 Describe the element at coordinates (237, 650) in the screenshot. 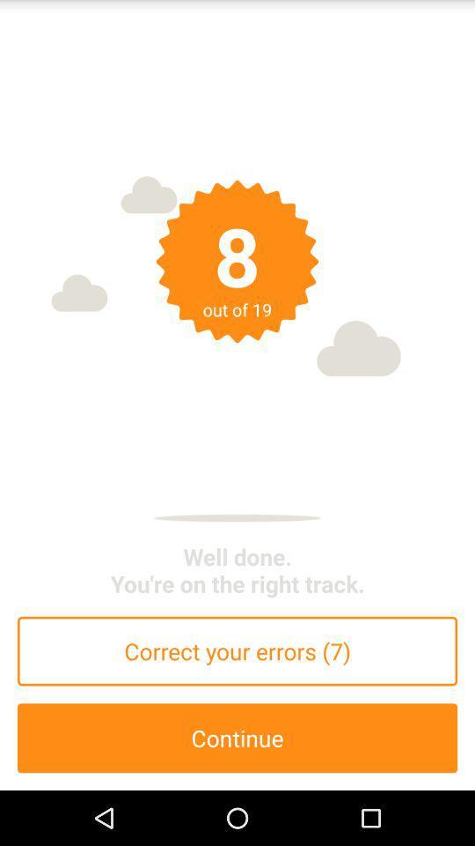

I see `correct your errors item` at that location.